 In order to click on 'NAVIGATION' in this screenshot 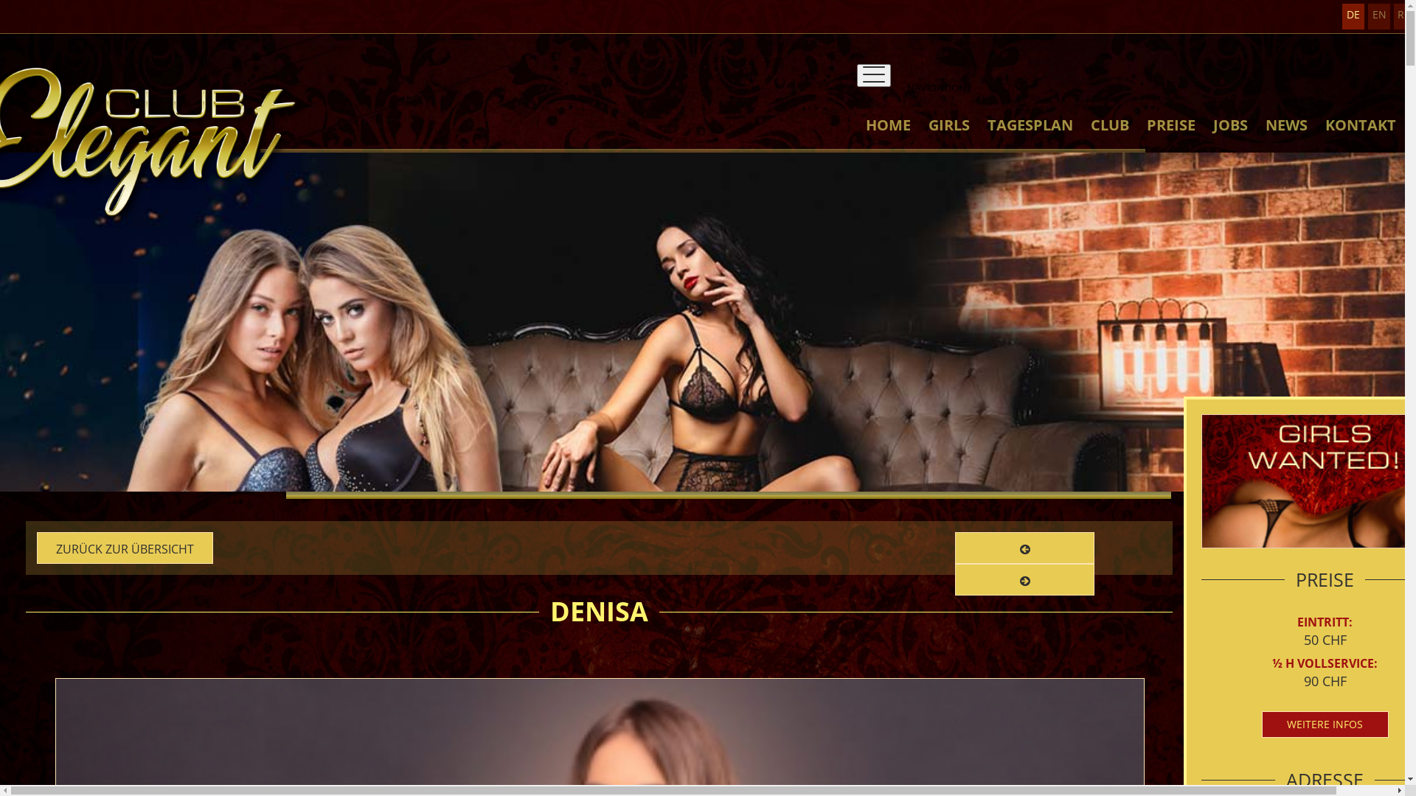, I will do `click(874, 75)`.